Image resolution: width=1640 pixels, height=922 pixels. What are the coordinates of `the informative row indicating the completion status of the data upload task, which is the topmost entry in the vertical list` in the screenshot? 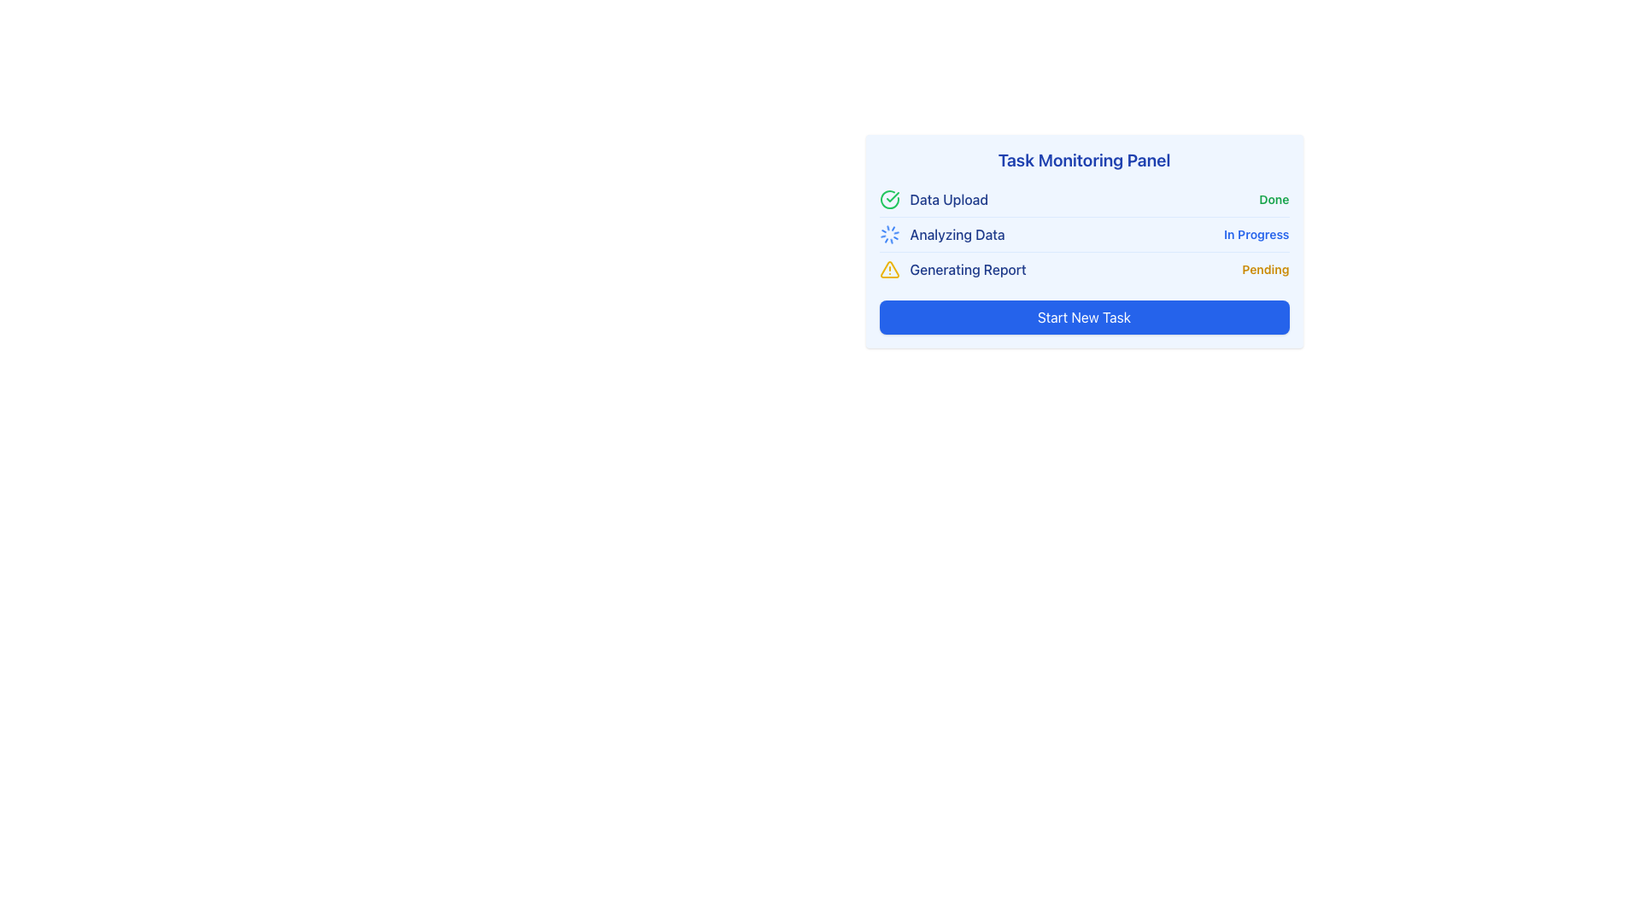 It's located at (1083, 199).